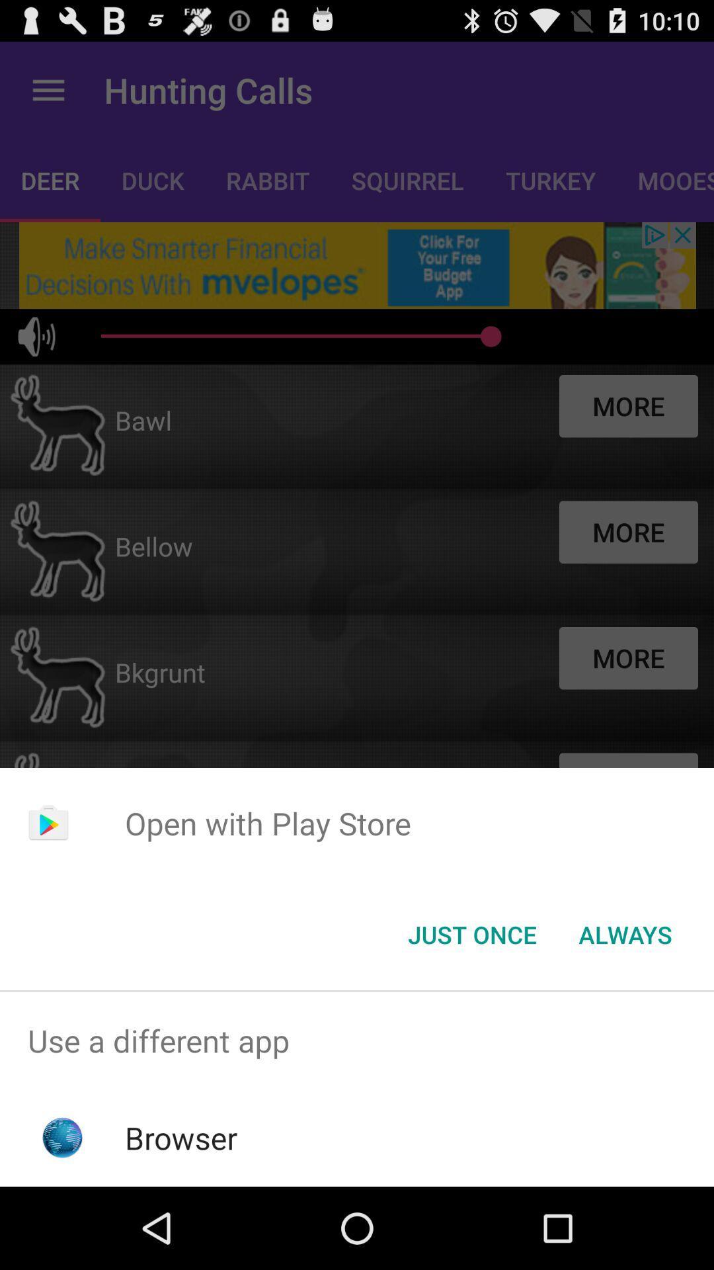 The width and height of the screenshot is (714, 1270). I want to click on the item below the open with play icon, so click(471, 933).